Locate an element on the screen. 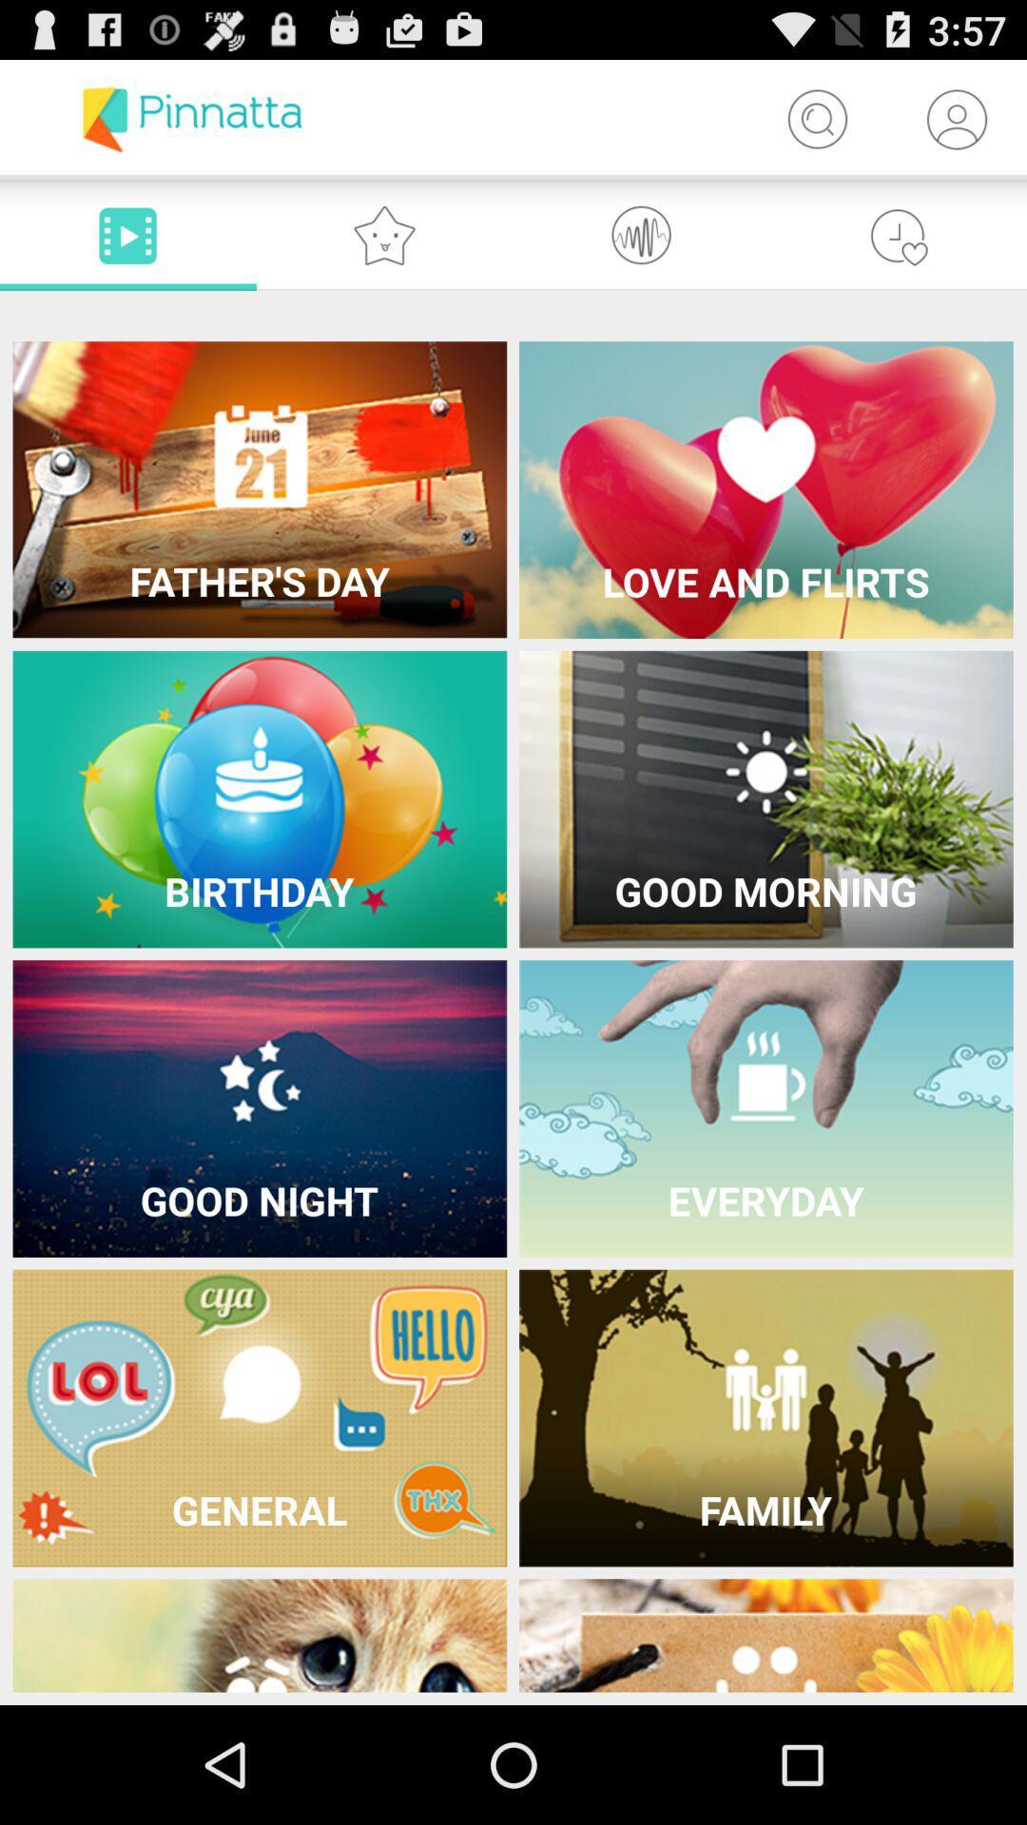 This screenshot has width=1027, height=1825. the 2nd image of the 3rd row of the page is located at coordinates (765, 1108).